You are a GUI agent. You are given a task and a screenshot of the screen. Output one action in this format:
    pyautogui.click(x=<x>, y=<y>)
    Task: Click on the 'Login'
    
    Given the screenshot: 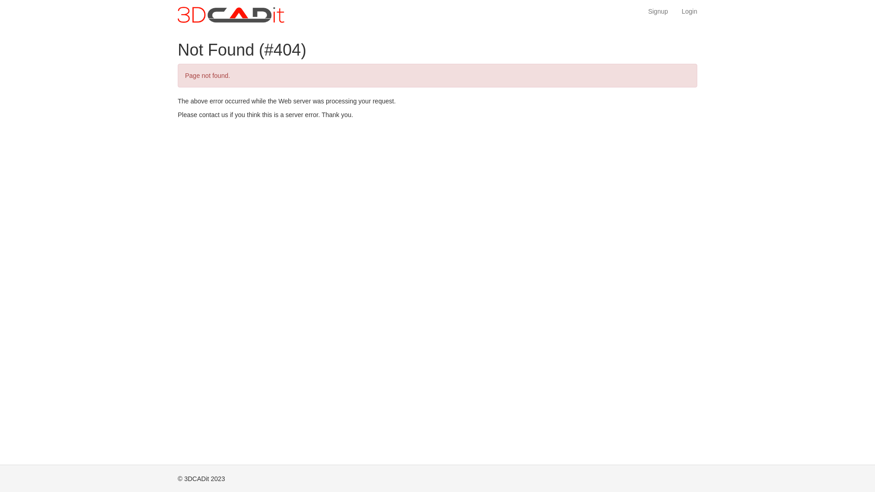 What is the action you would take?
    pyautogui.click(x=689, y=11)
    